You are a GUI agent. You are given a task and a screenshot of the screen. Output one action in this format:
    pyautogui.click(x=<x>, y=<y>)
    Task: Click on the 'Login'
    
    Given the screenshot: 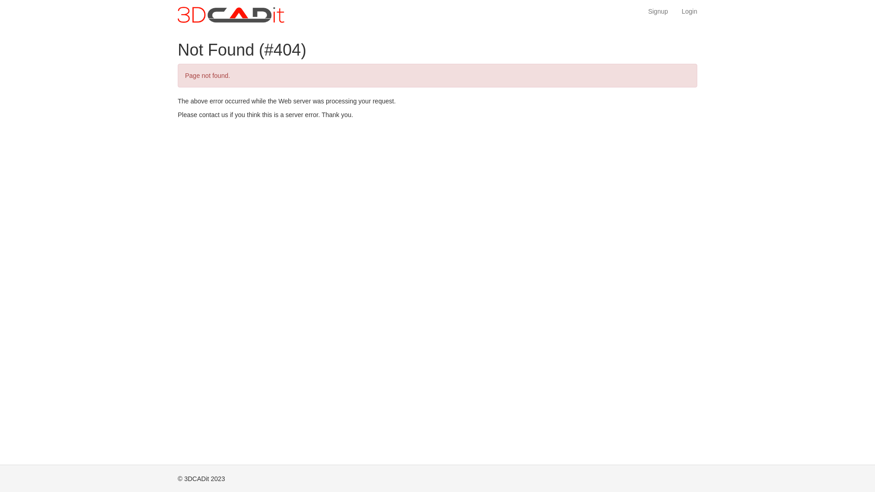 What is the action you would take?
    pyautogui.click(x=689, y=11)
    